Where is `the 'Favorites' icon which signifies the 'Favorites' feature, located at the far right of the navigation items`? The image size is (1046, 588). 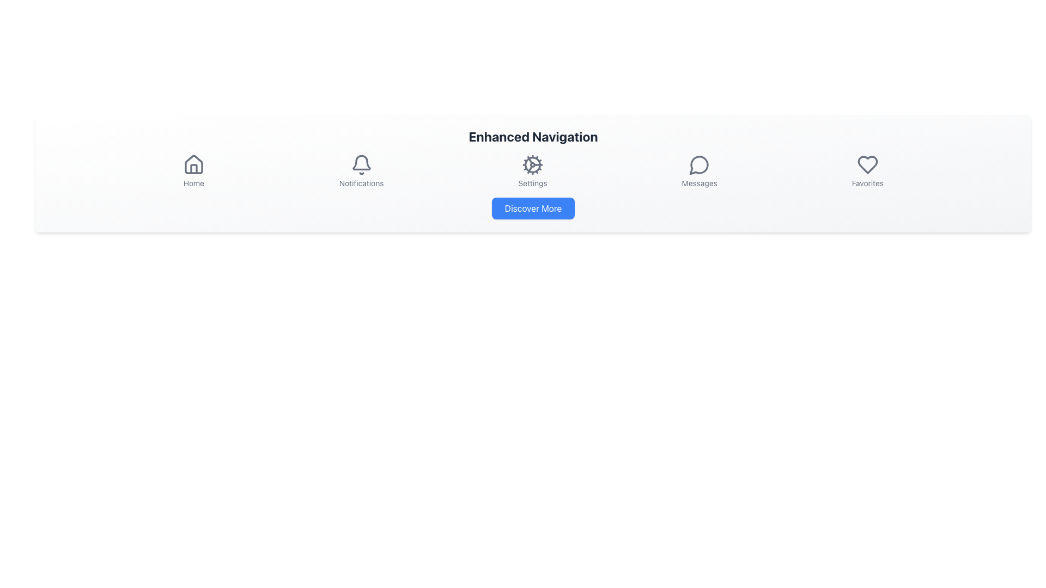
the 'Favorites' icon which signifies the 'Favorites' feature, located at the far right of the navigation items is located at coordinates (867, 165).